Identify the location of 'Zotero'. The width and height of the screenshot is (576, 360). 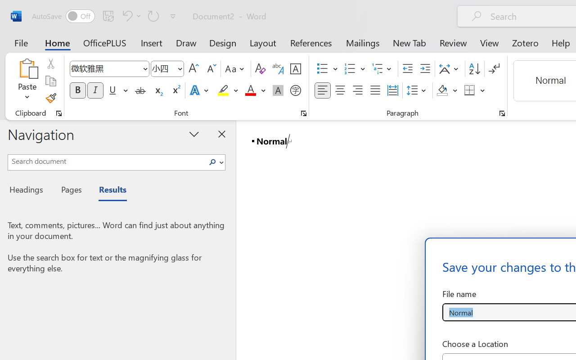
(525, 42).